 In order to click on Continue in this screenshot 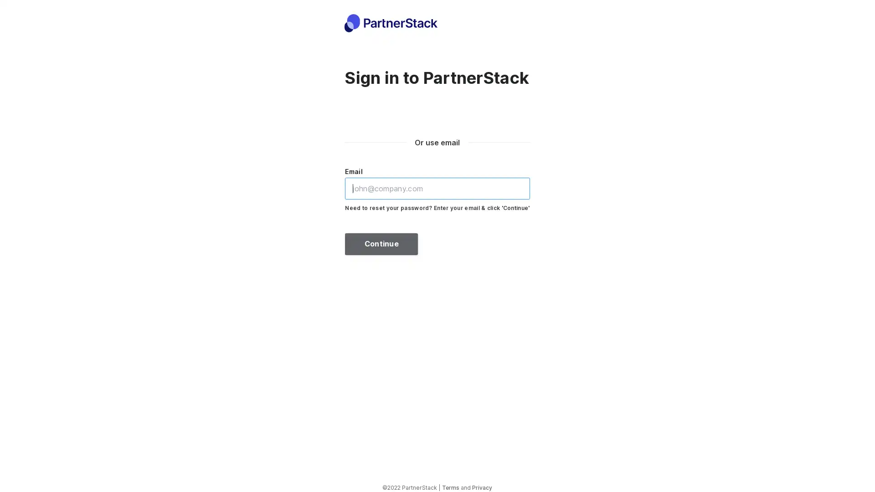, I will do `click(381, 266)`.